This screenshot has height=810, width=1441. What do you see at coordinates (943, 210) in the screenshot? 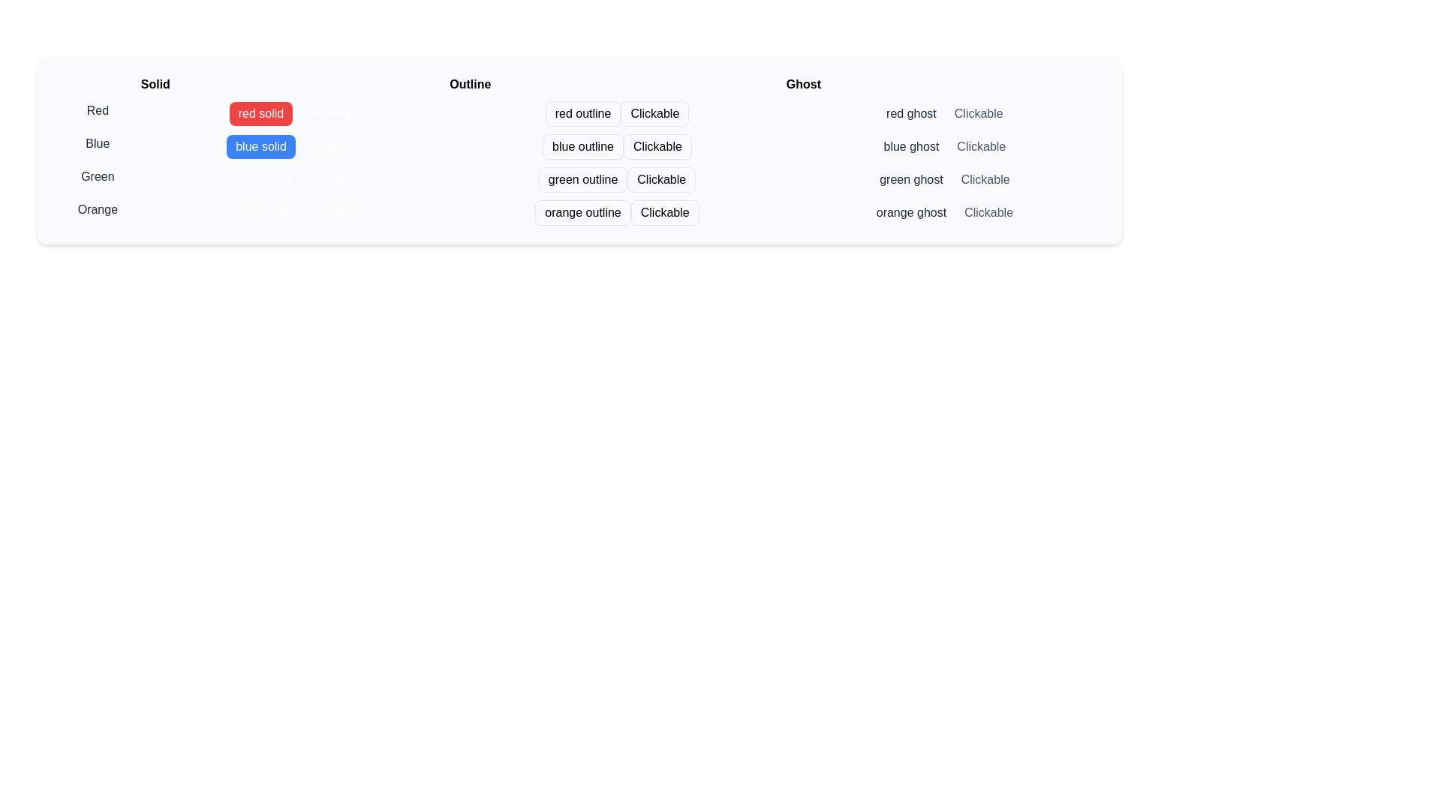
I see `the 'orange ghost' label located in the bottom-most row of the 'Ghost' column, which is marked as 'Clickable'` at bounding box center [943, 210].